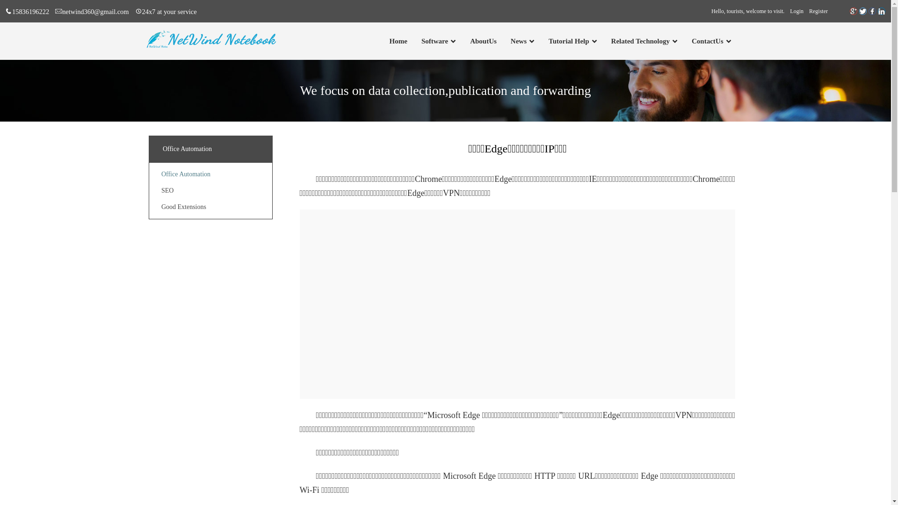 The height and width of the screenshot is (505, 898). What do you see at coordinates (167, 190) in the screenshot?
I see `'SEO'` at bounding box center [167, 190].